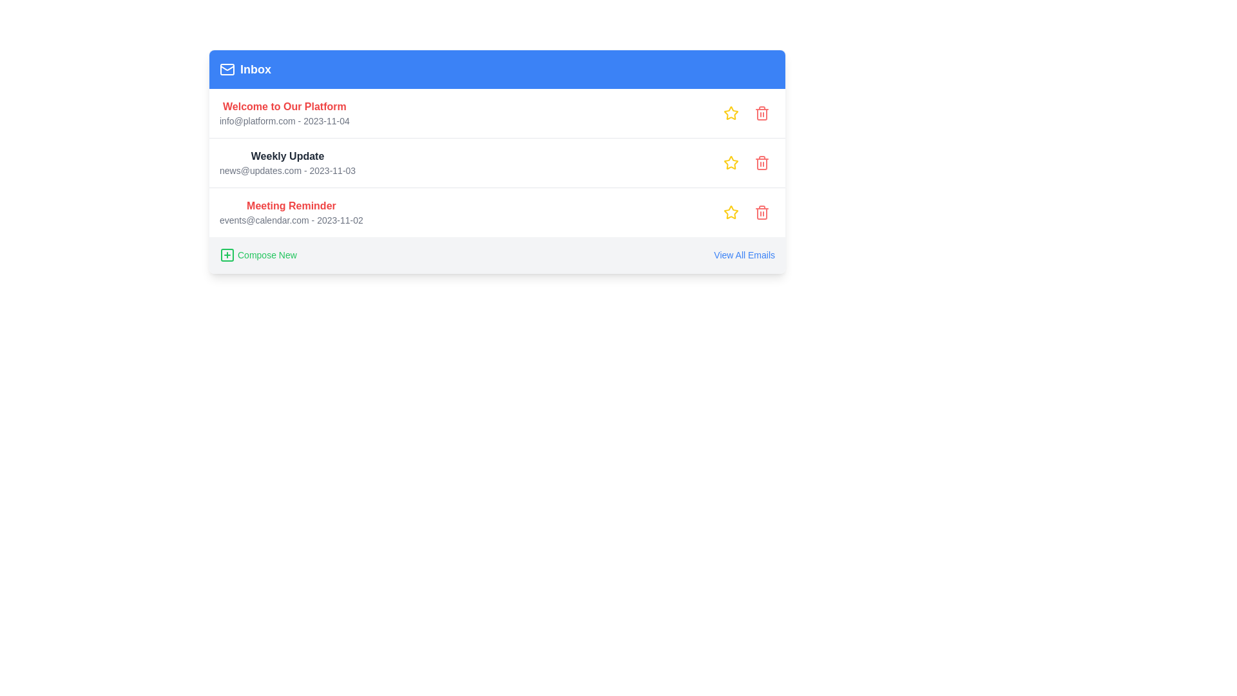  Describe the element at coordinates (291, 212) in the screenshot. I see `the 'Meeting Reminder' email listing which features bold red text and smaller gray text, located` at that location.